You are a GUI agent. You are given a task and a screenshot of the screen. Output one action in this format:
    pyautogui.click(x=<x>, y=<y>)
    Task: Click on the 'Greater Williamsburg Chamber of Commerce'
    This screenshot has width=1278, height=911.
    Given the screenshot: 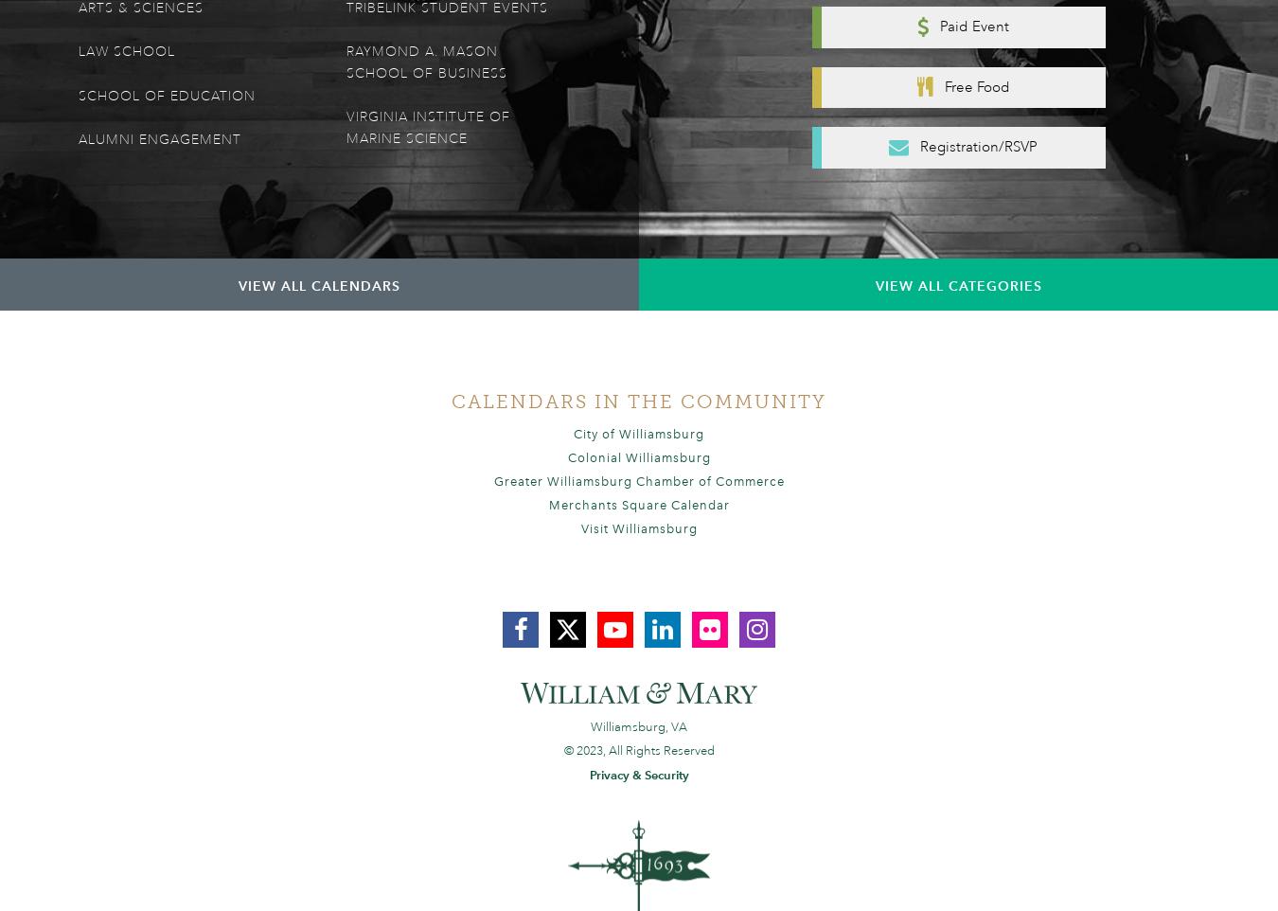 What is the action you would take?
    pyautogui.click(x=638, y=479)
    